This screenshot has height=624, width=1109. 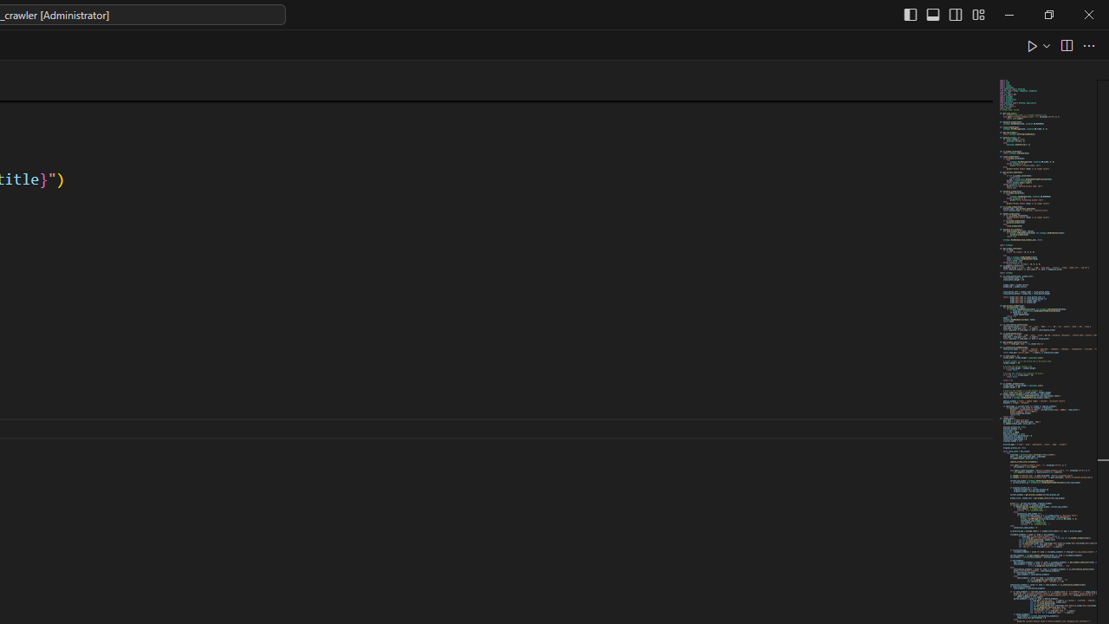 What do you see at coordinates (1061, 44) in the screenshot?
I see `'Editor actions'` at bounding box center [1061, 44].